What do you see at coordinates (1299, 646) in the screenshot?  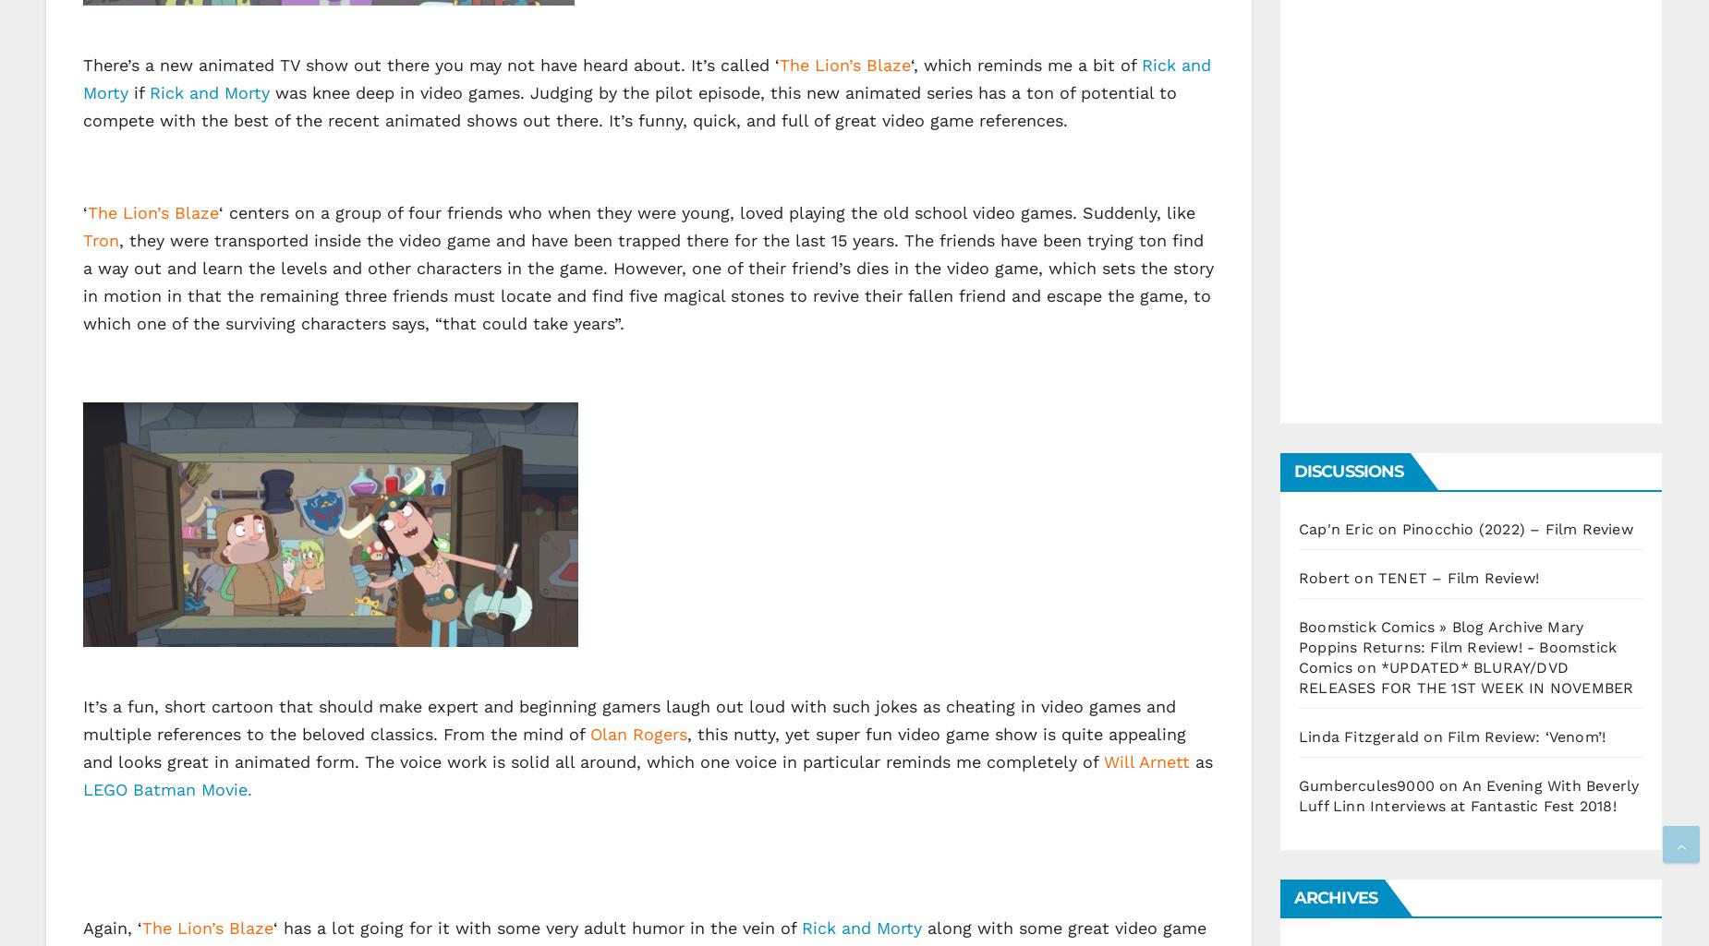 I see `'Boomstick Comics » Blog Archive Mary Poppins Returns: Film Review! - Boomstick Comics'` at bounding box center [1299, 646].